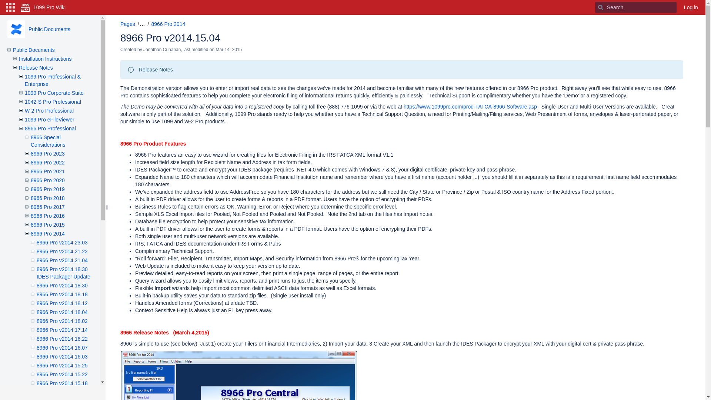 The width and height of the screenshot is (711, 400). What do you see at coordinates (3, 7) in the screenshot?
I see `'Linked Applications'` at bounding box center [3, 7].